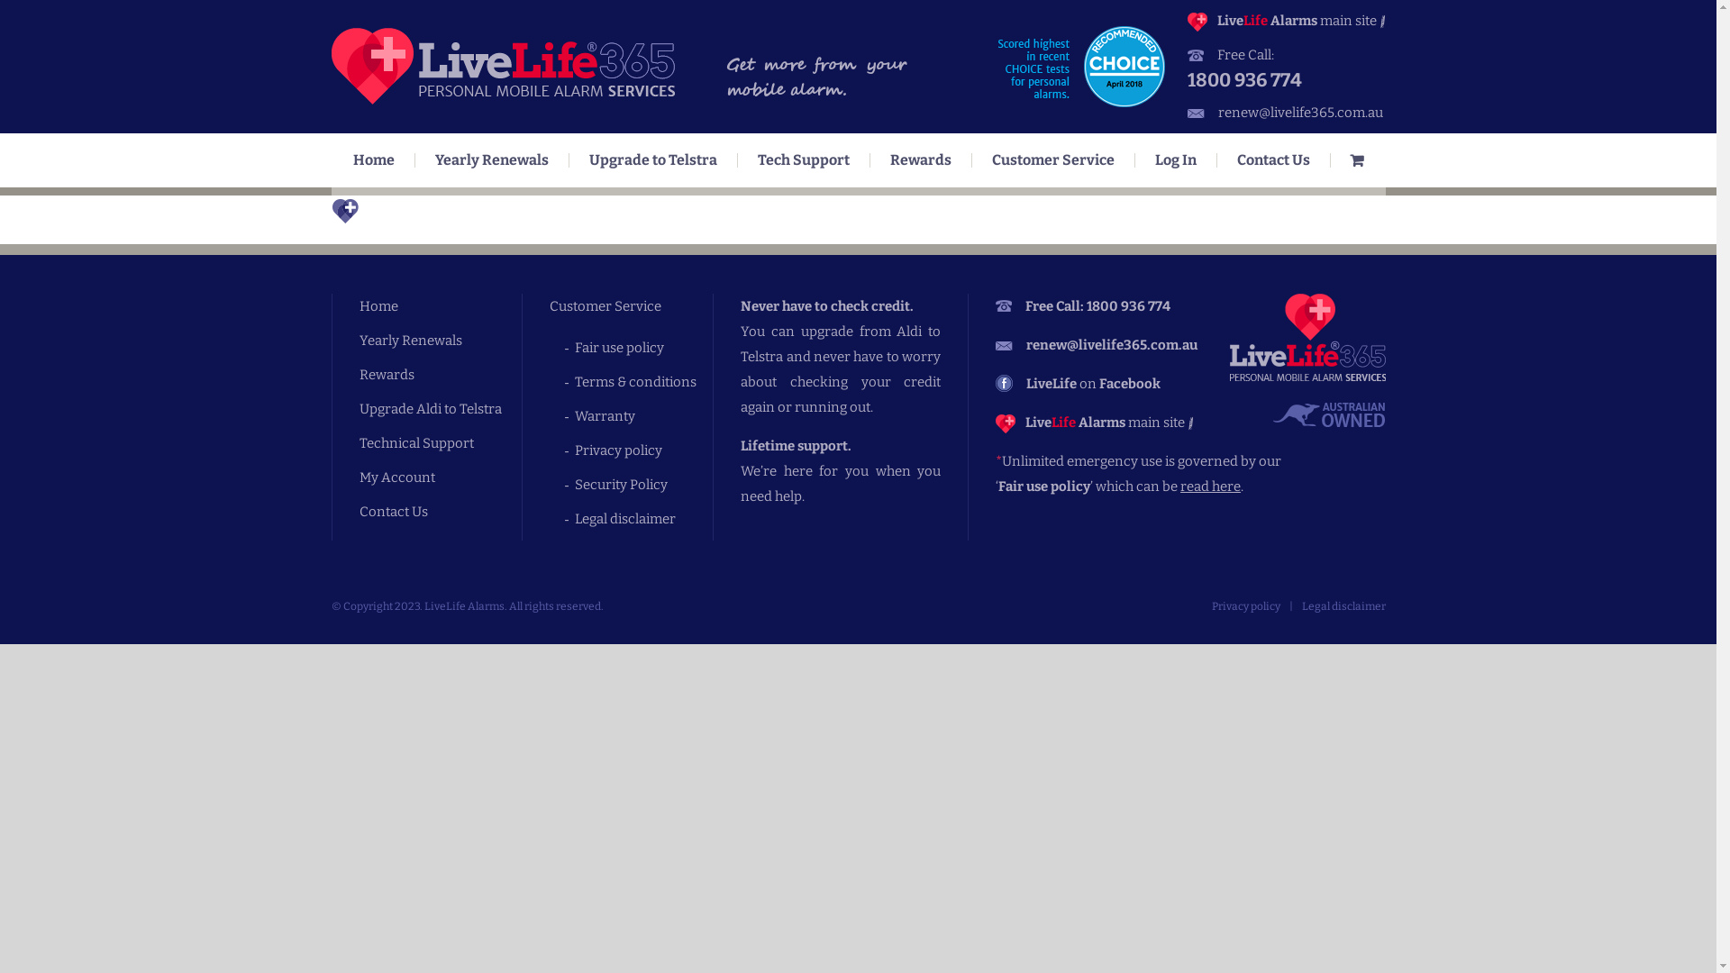 Image resolution: width=1730 pixels, height=973 pixels. What do you see at coordinates (643, 450) in the screenshot?
I see `'Privacy policy'` at bounding box center [643, 450].